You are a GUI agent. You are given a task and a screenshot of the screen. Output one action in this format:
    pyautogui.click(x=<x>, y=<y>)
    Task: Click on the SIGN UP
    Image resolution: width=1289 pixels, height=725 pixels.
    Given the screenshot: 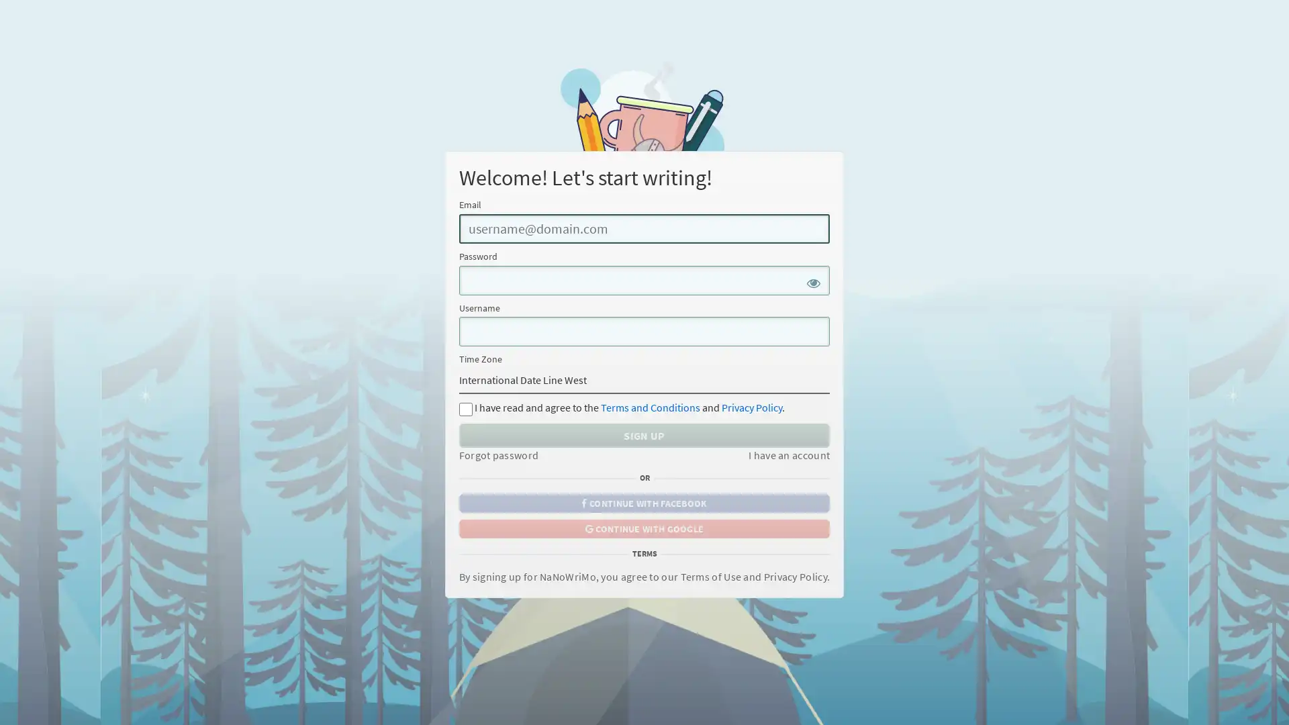 What is the action you would take?
    pyautogui.click(x=643, y=435)
    